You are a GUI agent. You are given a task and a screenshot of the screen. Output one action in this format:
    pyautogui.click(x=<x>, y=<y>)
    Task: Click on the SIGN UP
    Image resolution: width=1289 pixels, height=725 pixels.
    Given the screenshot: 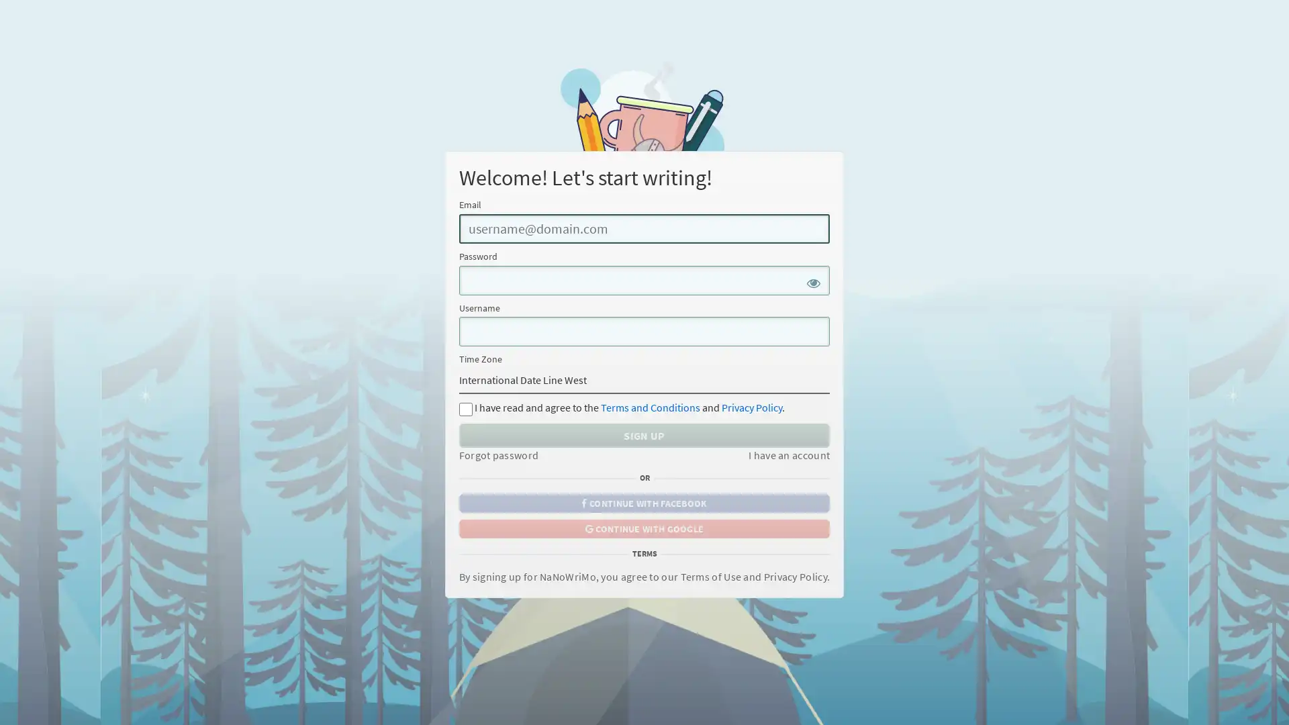 What is the action you would take?
    pyautogui.click(x=643, y=435)
    